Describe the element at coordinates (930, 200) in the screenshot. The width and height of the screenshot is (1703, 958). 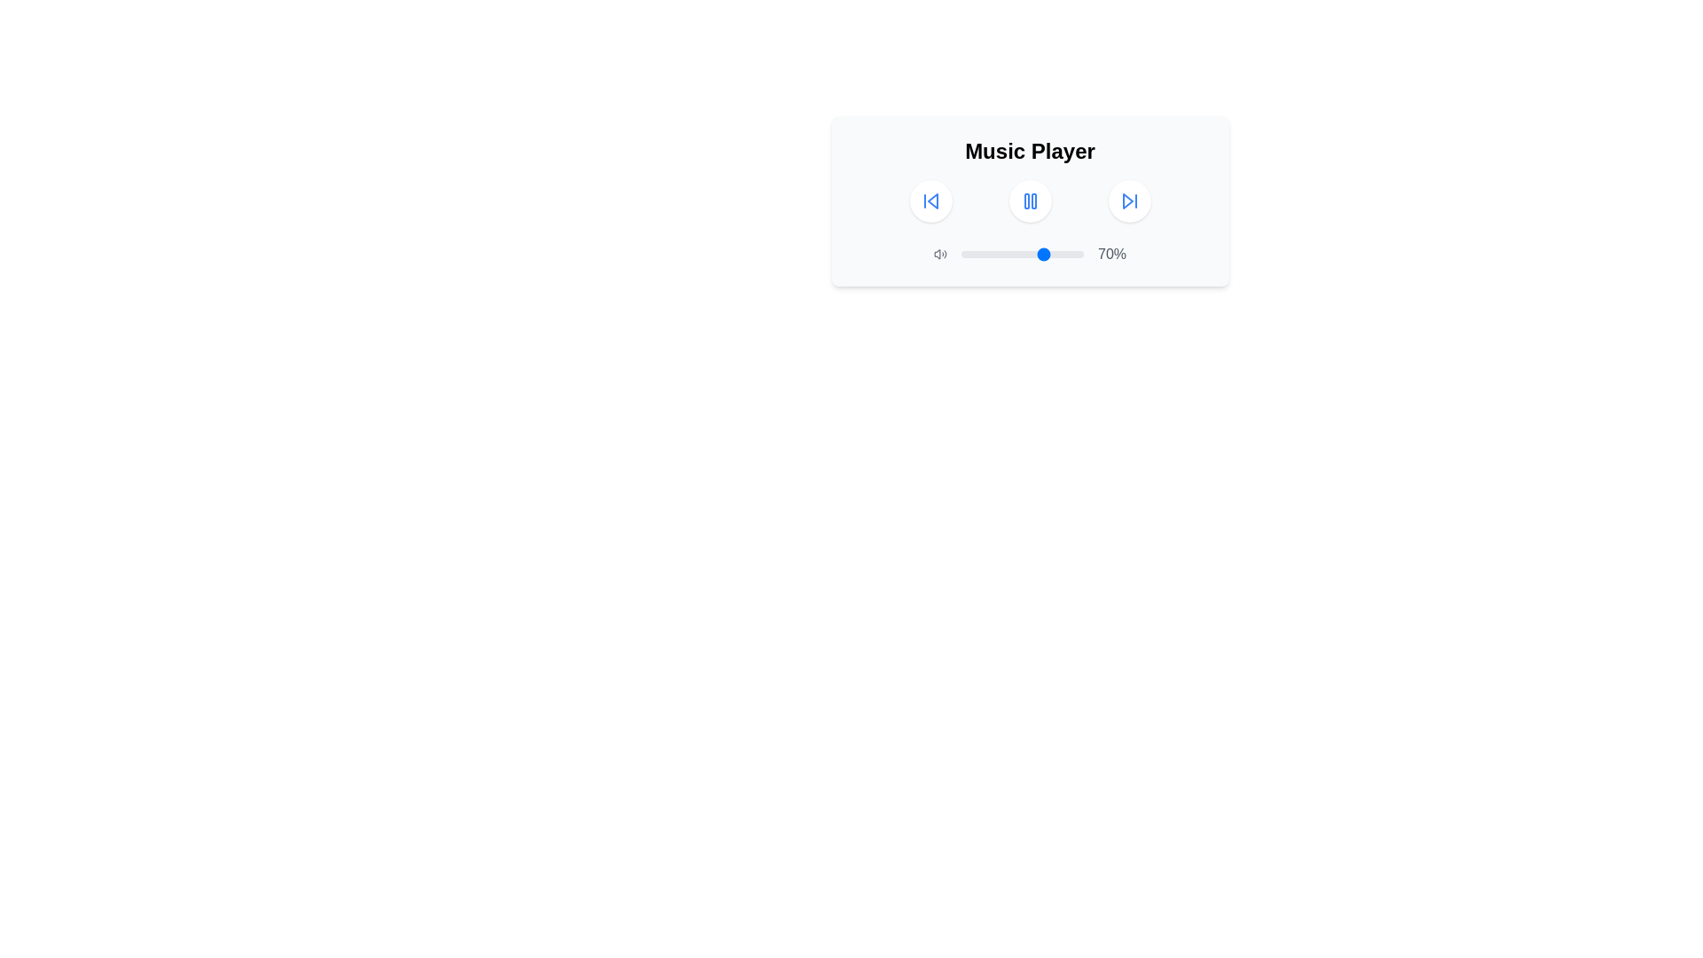
I see `the first circular button in the music player to skip to the previous track` at that location.